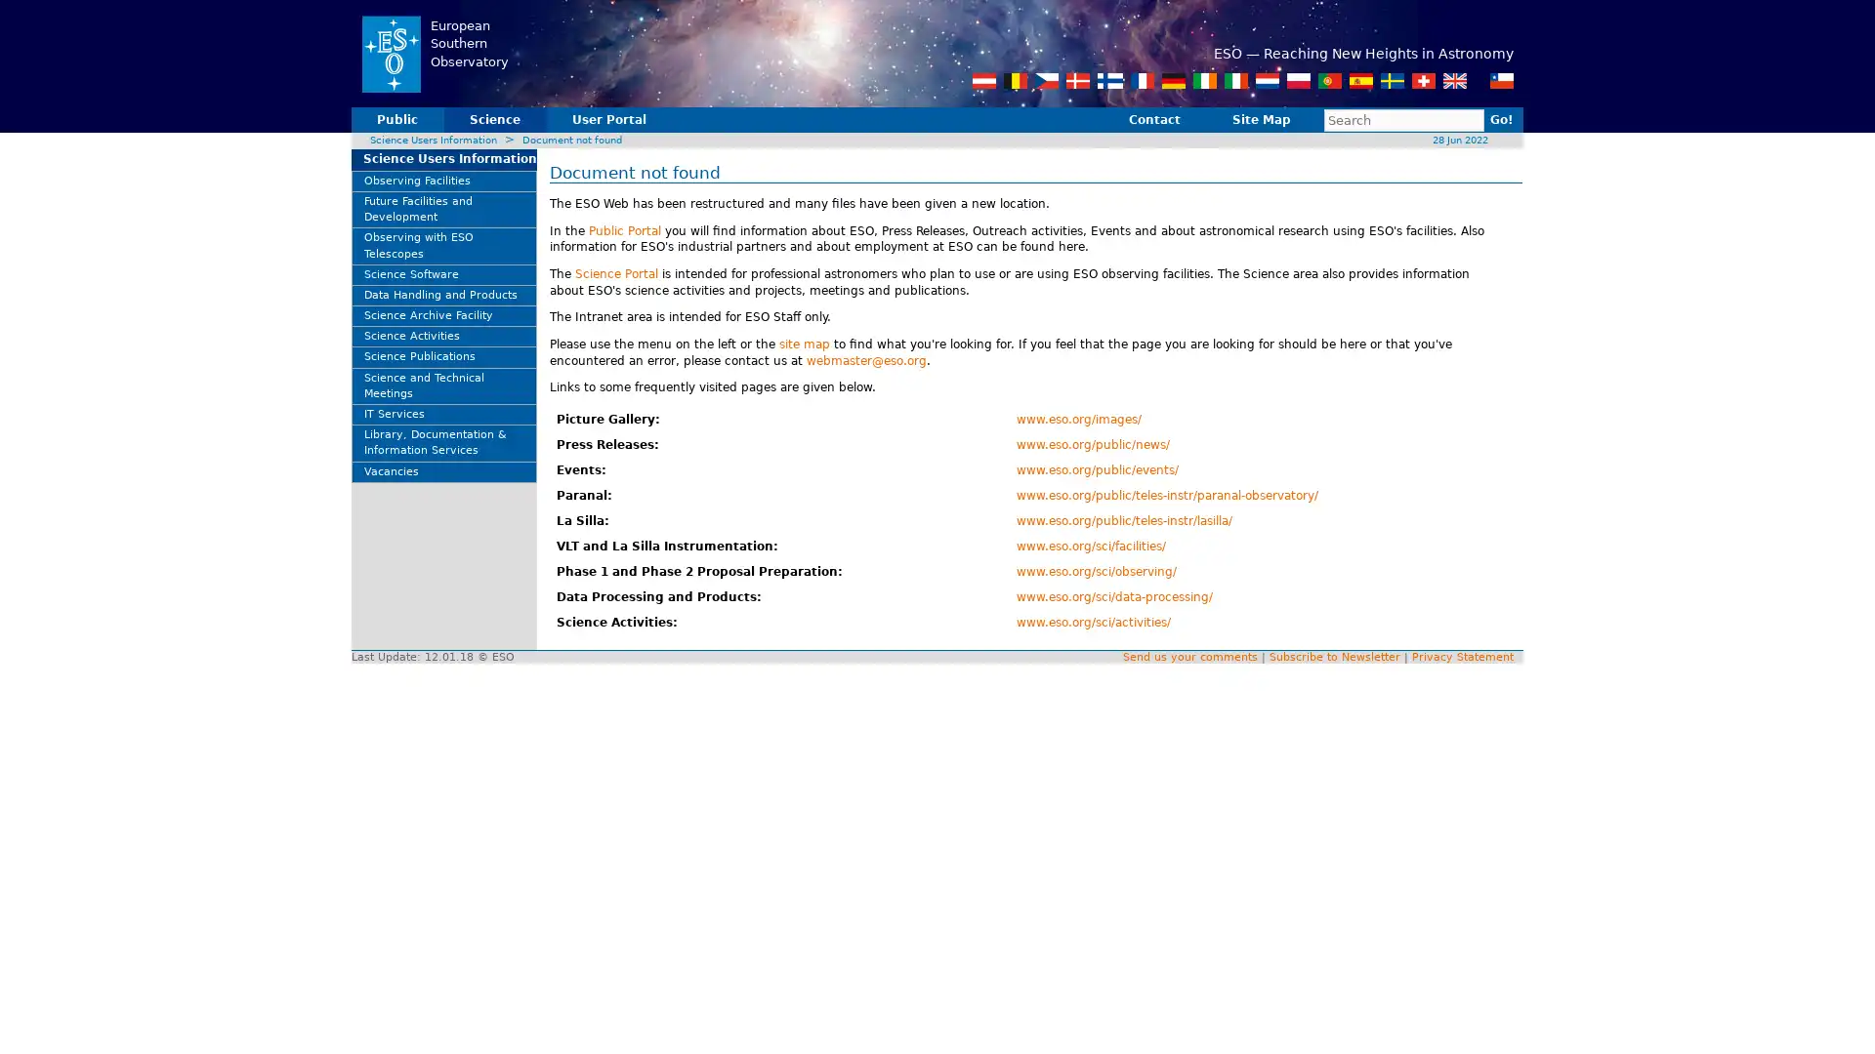  What do you see at coordinates (1500, 120) in the screenshot?
I see `Go!` at bounding box center [1500, 120].